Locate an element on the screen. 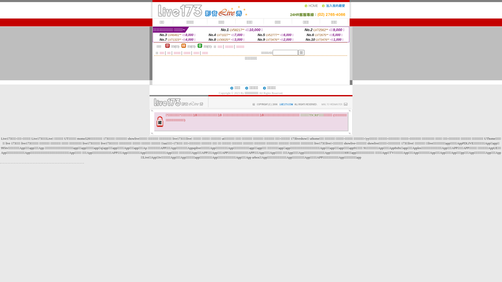  '.' is located at coordinates (24, 162).